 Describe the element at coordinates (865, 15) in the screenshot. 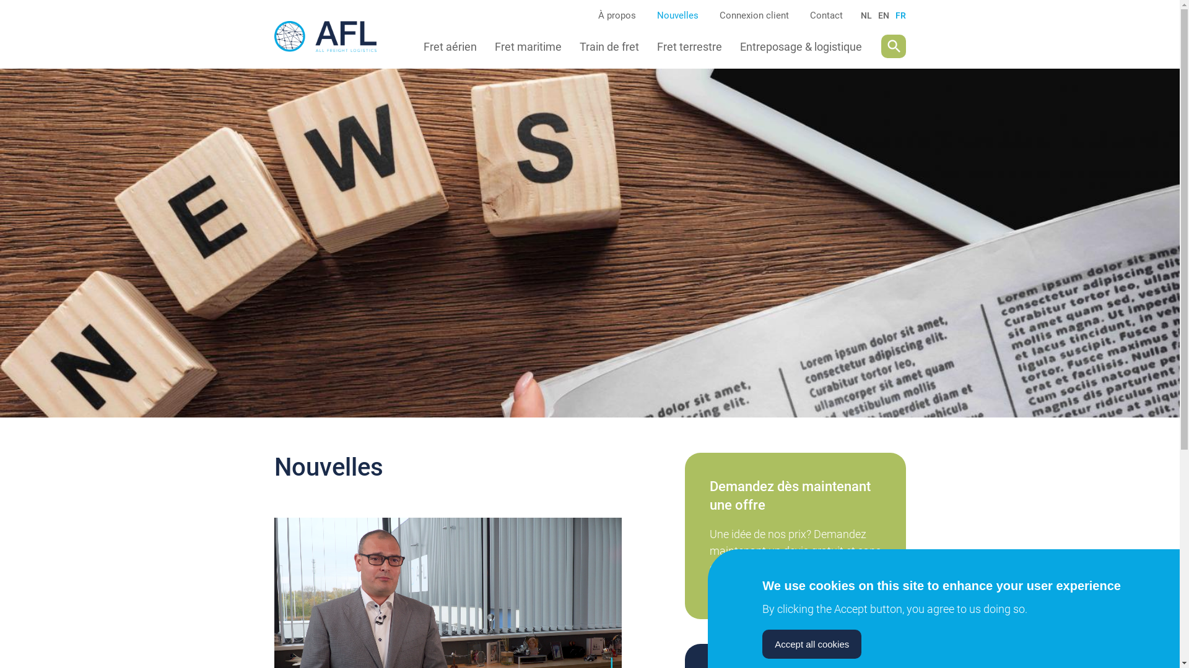

I see `'NL'` at that location.